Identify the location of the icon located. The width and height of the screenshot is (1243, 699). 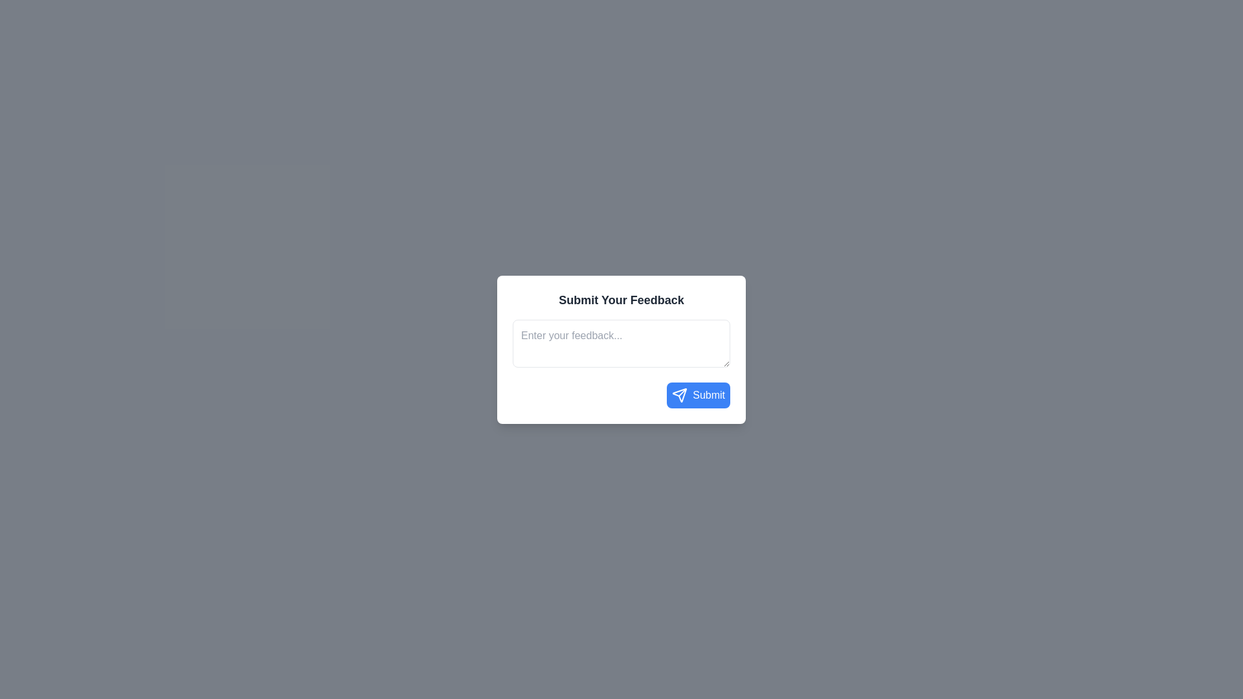
(679, 394).